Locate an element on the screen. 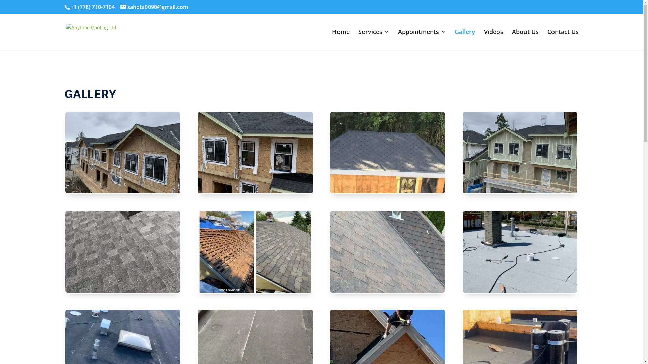 The image size is (648, 364). 'Contact Us' is located at coordinates (563, 39).